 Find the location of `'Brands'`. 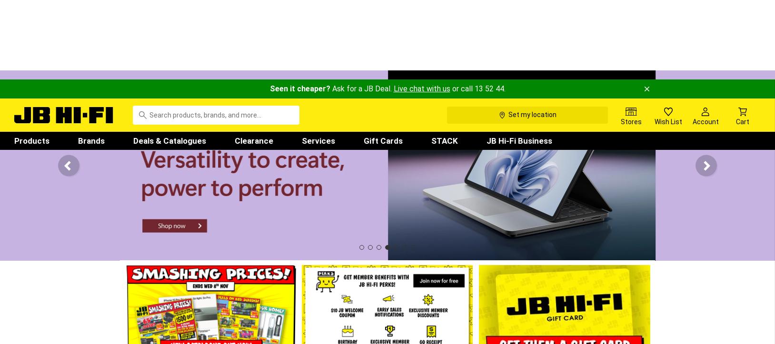

'Brands' is located at coordinates (90, 60).